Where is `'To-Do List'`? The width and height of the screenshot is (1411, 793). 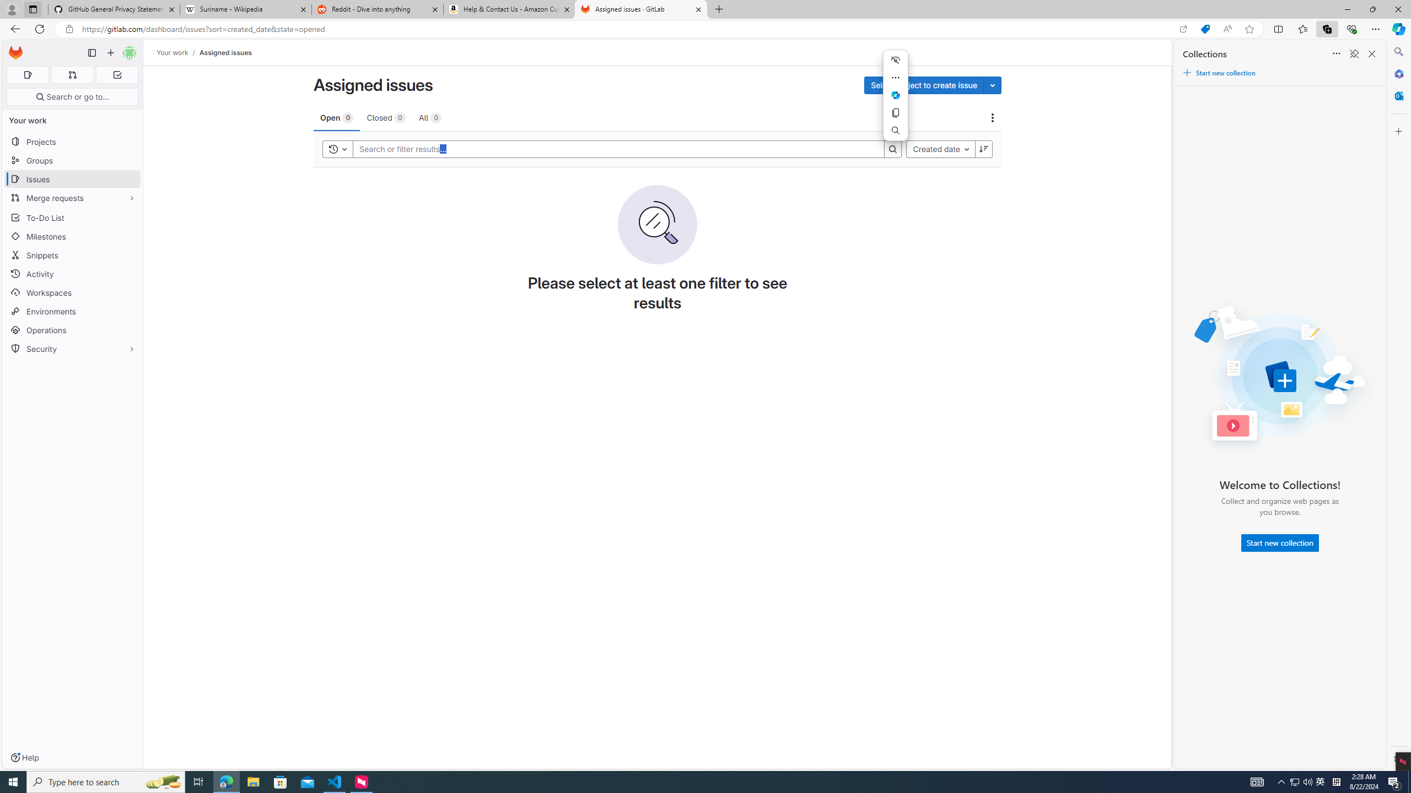
'To-Do List' is located at coordinates (72, 217).